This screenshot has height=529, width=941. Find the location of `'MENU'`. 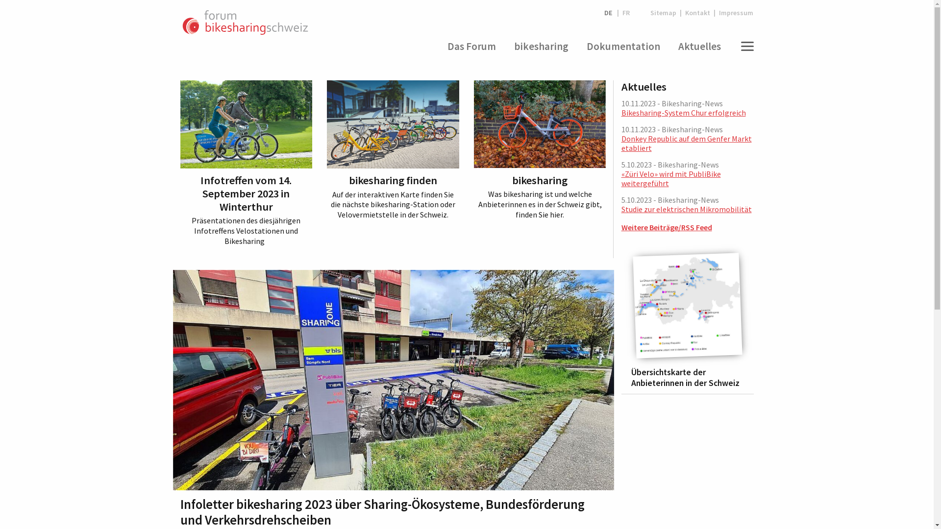

'MENU' is located at coordinates (745, 47).